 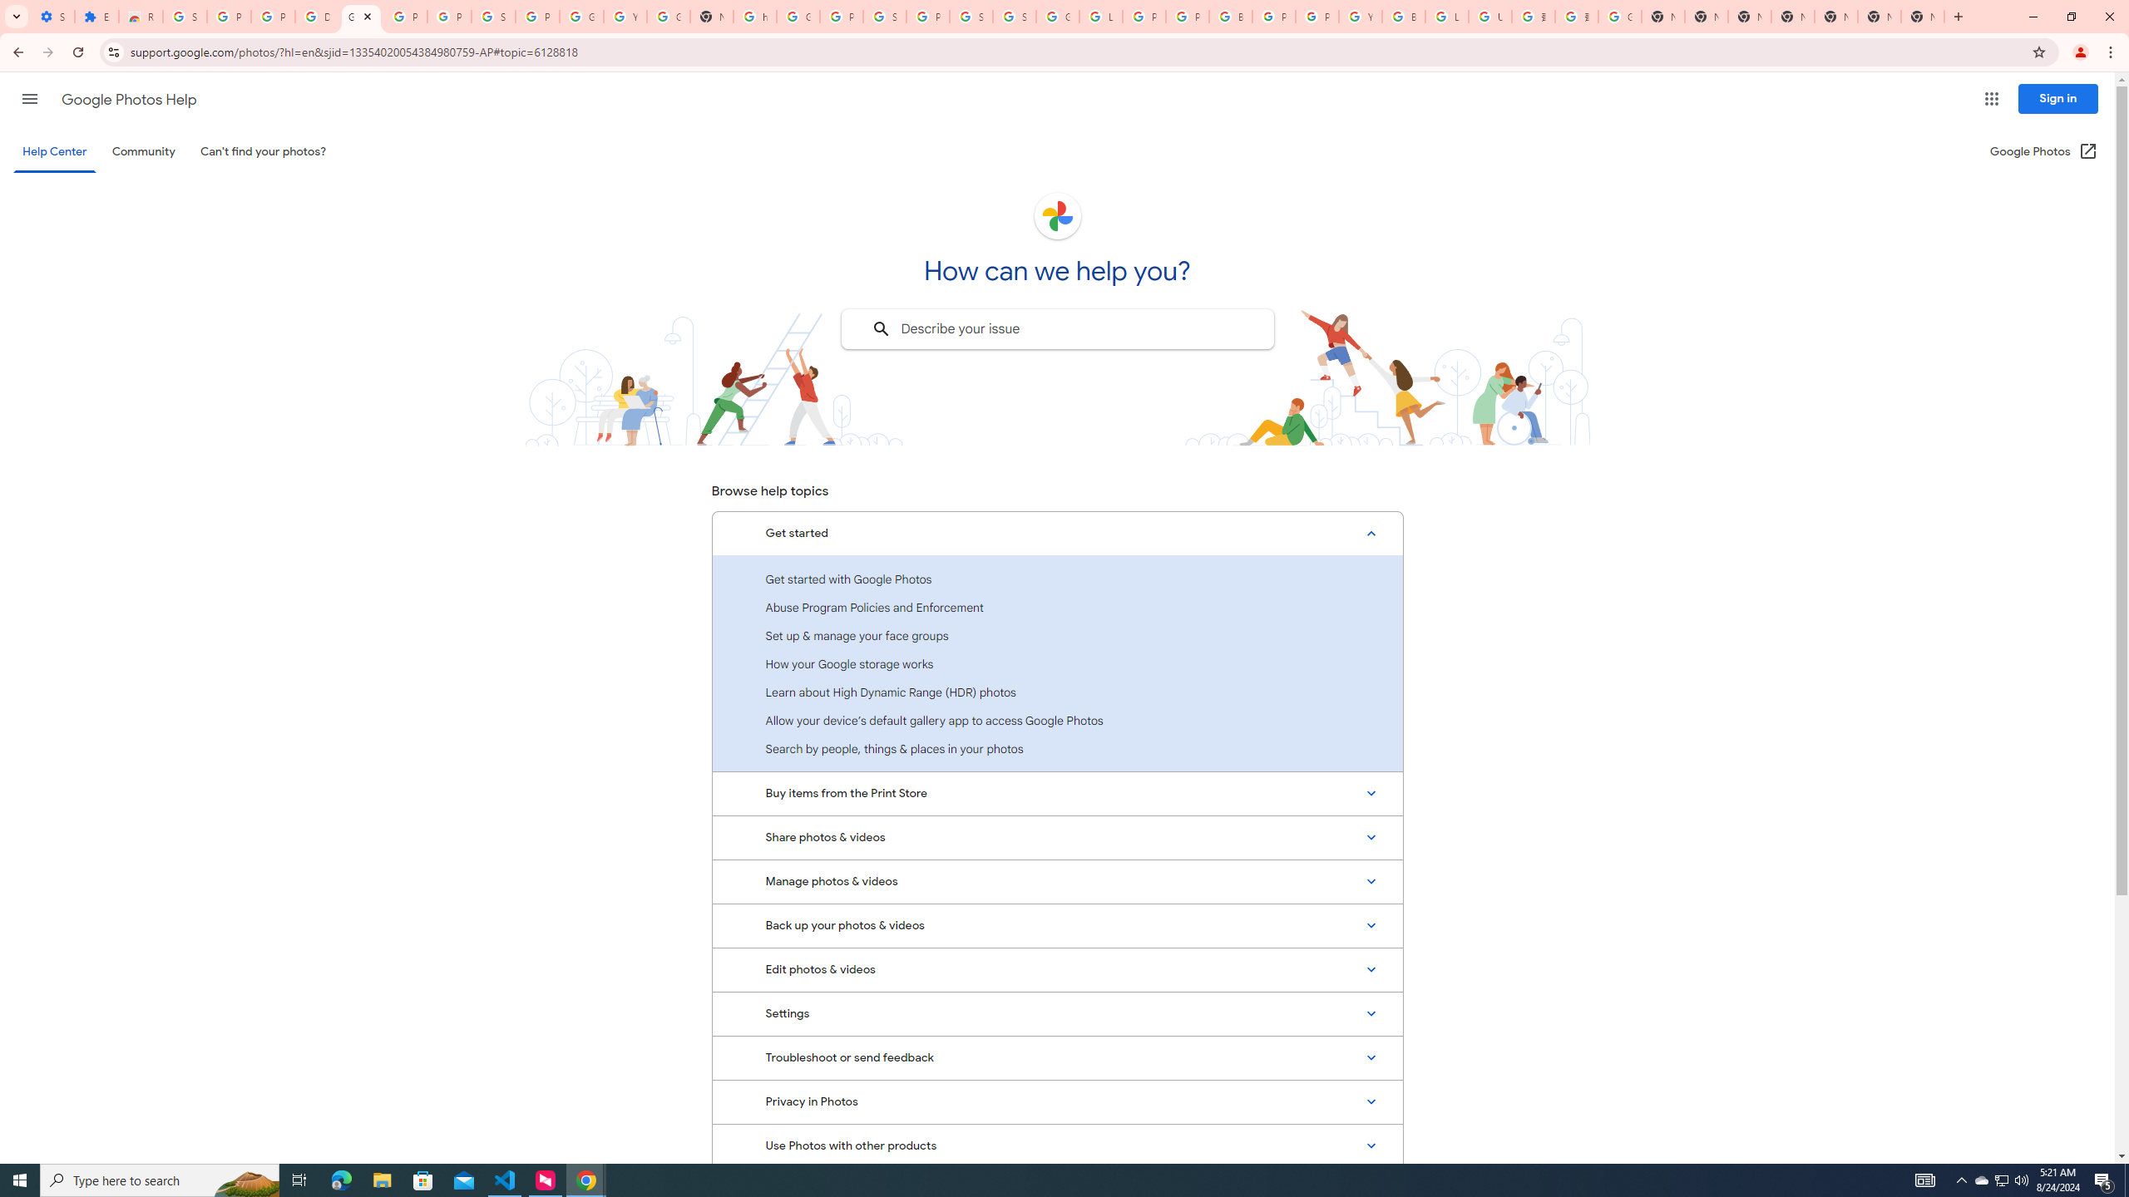 What do you see at coordinates (1057, 748) in the screenshot?
I see `'Search by people, things & places in your photos'` at bounding box center [1057, 748].